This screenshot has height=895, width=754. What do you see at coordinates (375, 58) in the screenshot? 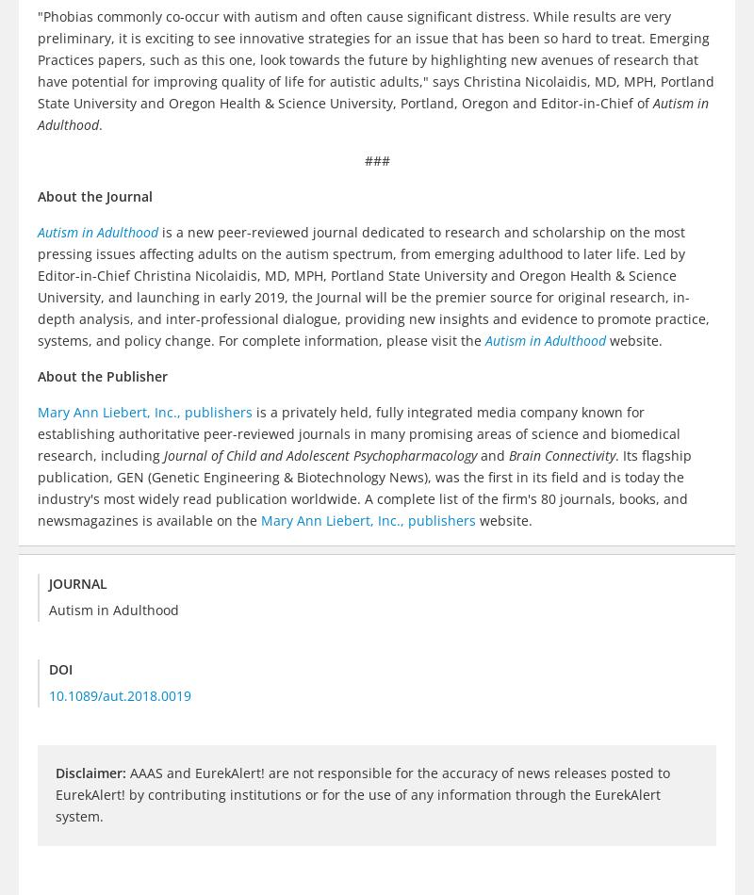
I see `'"Phobias commonly co-occur with autism and often cause significant distress. While results are very preliminary, it is exciting to see innovative strategies for an issue that has been so hard to treat. Emerging Practices papers, such as this one, look towards the future by highlighting new avenues of research that have potential for improving quality of life for autistic adults," says Christina Nicolaidis, MD, MPH, Portland State University and Oregon Health & Science University, Portland, Oregon and Editor-in-Chief of'` at bounding box center [375, 58].